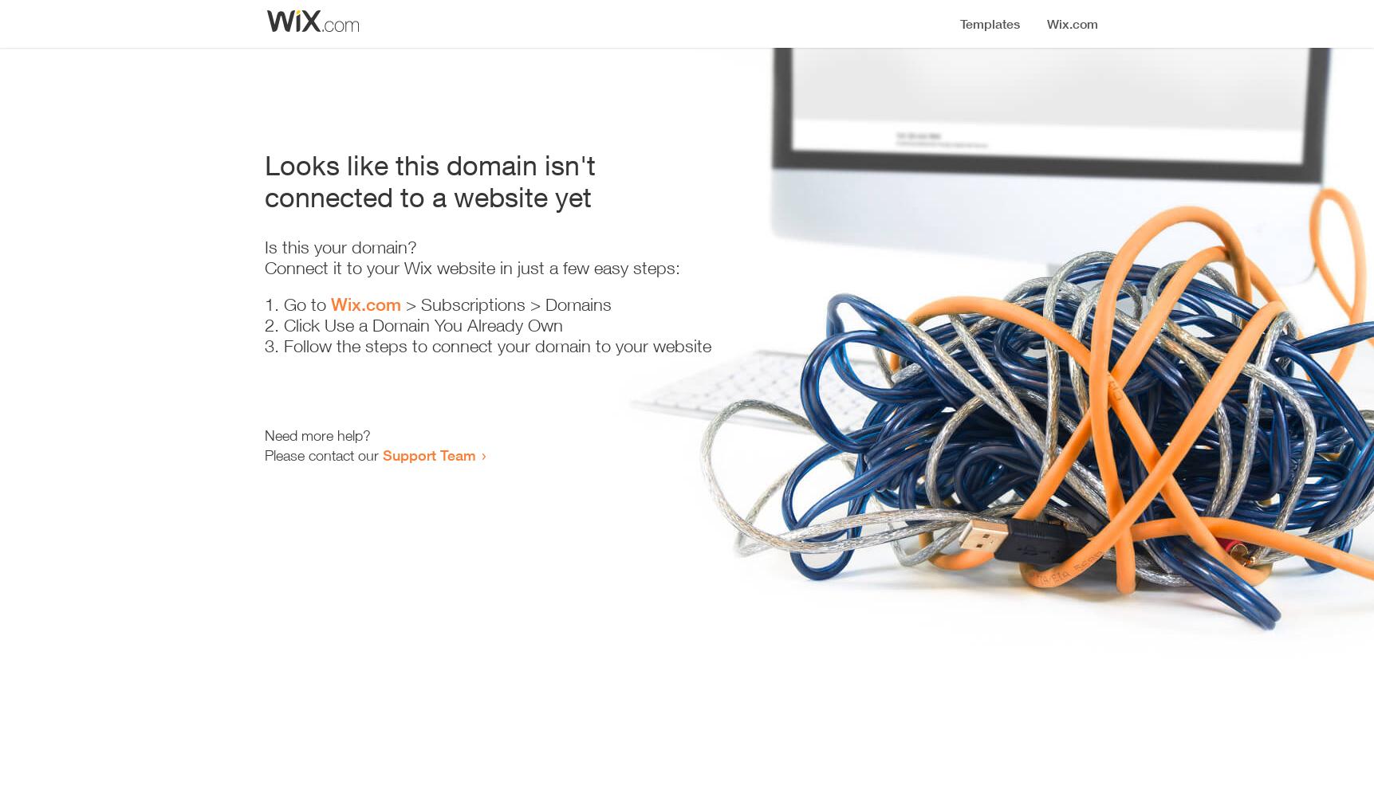 This screenshot has height=797, width=1374. I want to click on 'Looks like this domain isn't', so click(429, 164).